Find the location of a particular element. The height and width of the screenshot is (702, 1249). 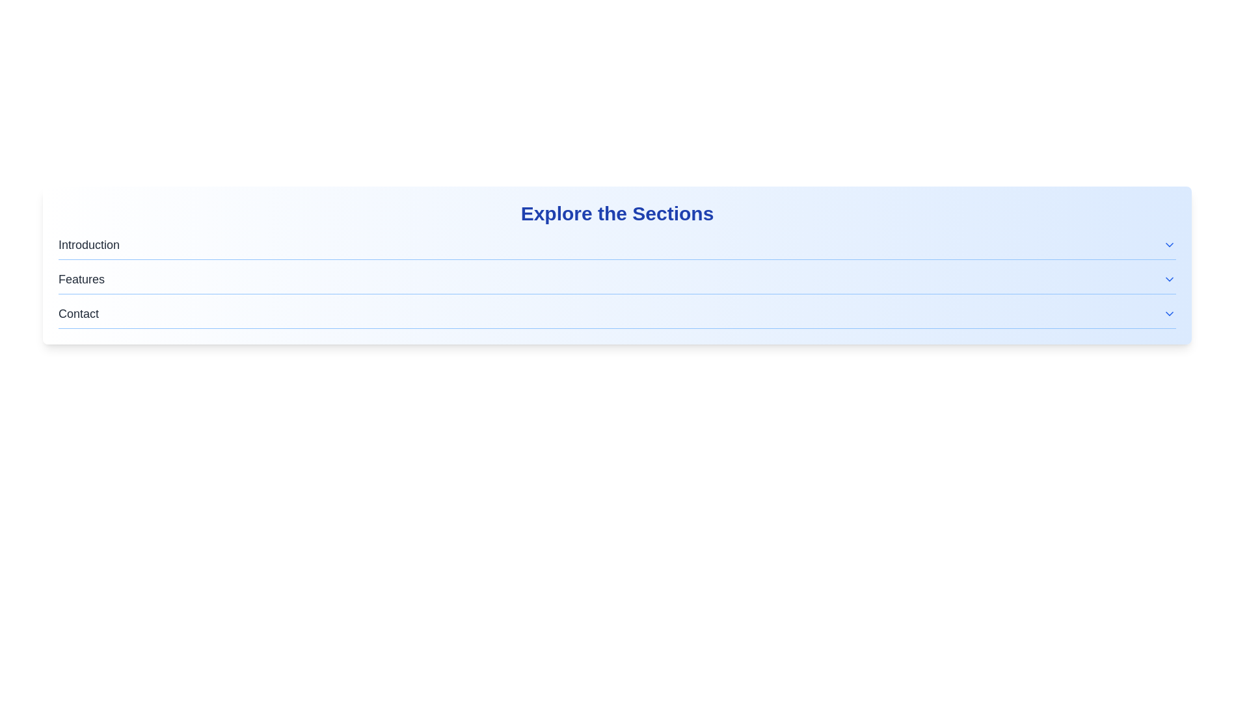

the Chevron Icon located at the end of the 'Contact' row in the dropdown menu is located at coordinates (1170, 313).